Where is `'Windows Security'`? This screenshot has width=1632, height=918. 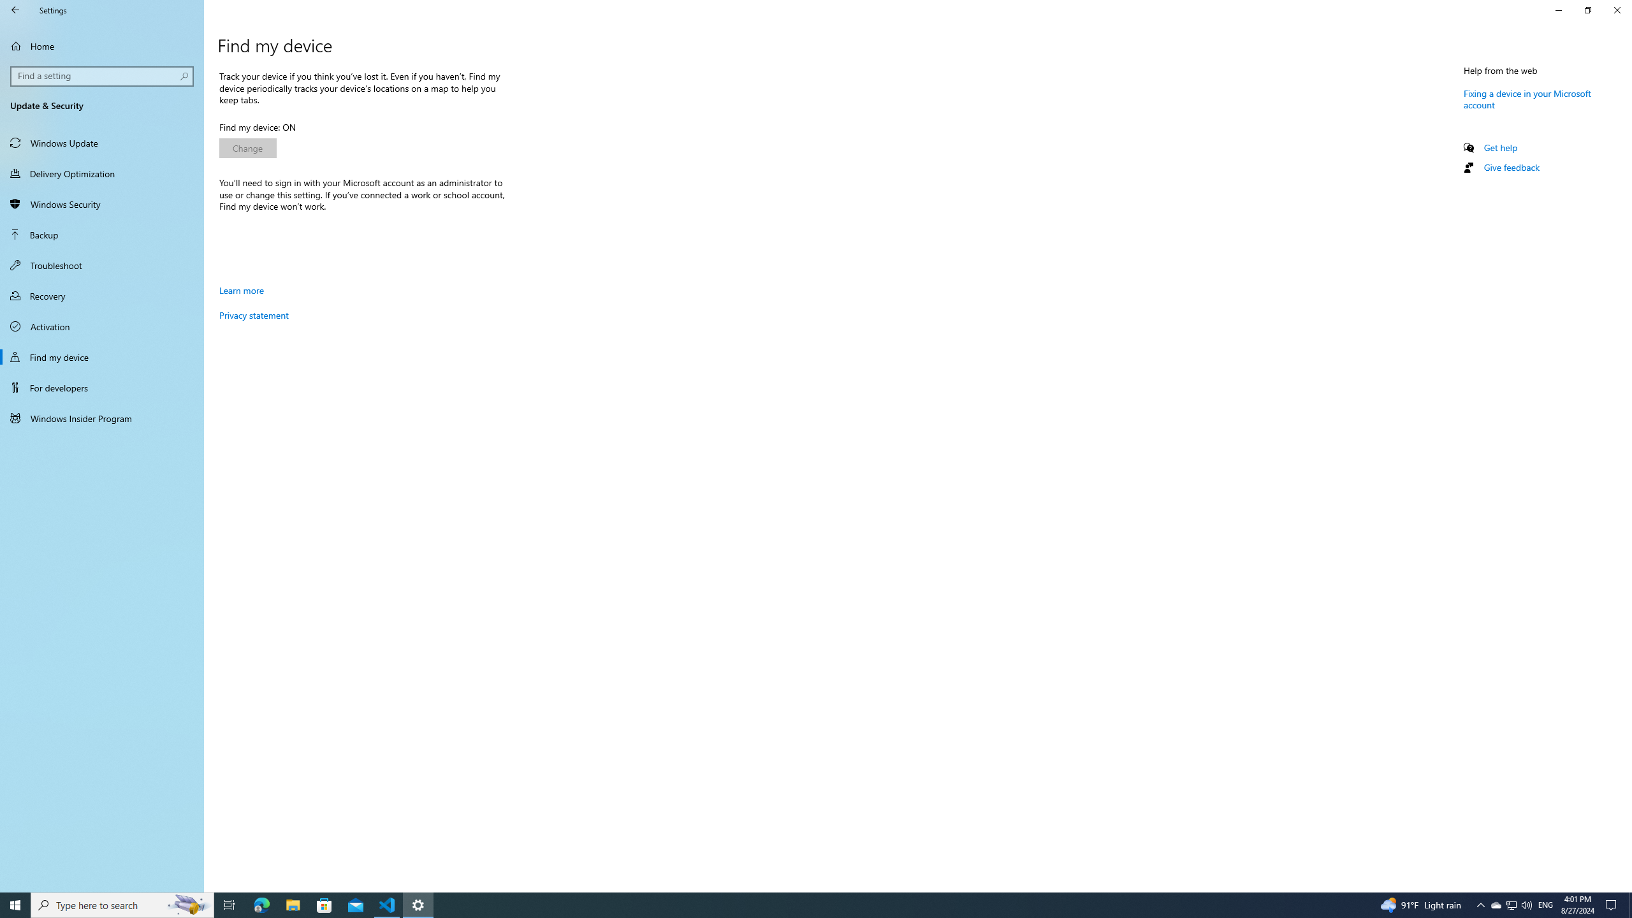 'Windows Security' is located at coordinates (101, 203).